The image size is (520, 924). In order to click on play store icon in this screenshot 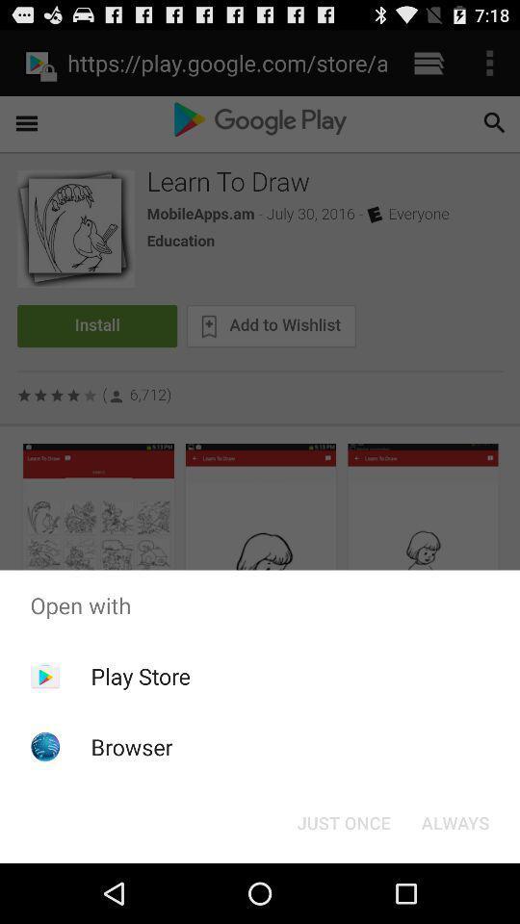, I will do `click(140, 676)`.